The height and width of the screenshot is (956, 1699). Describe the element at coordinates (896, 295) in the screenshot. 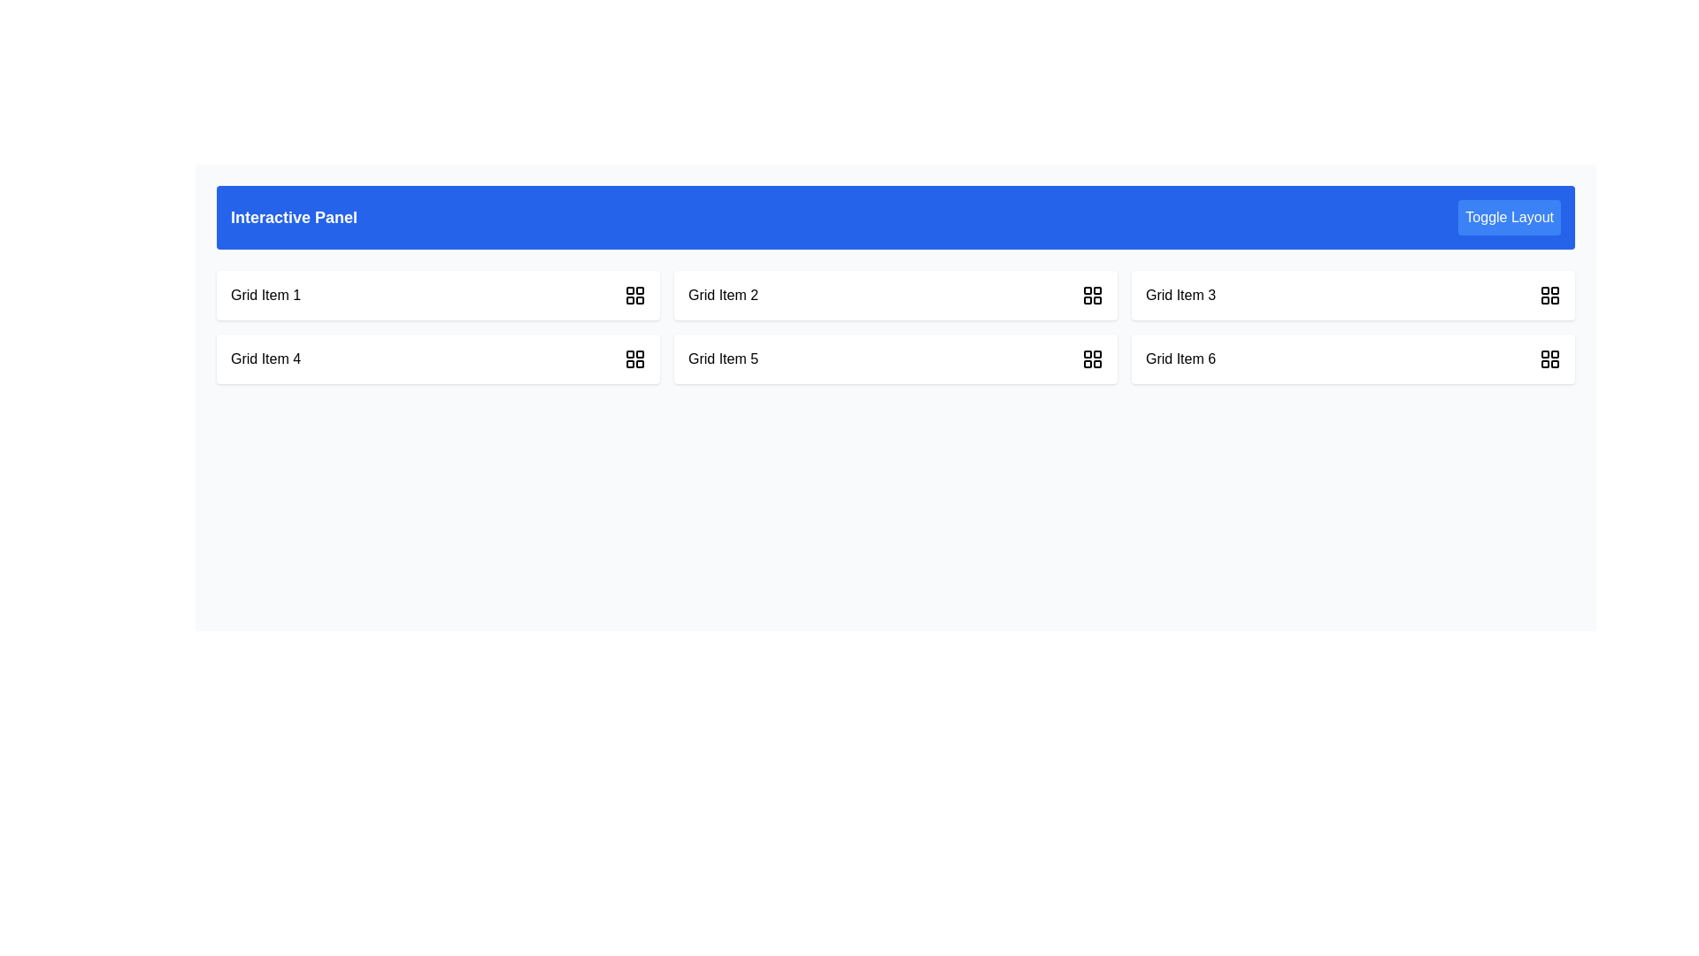

I see `the content of the Label displaying 'Grid Item 2' with a grid layout icon, located in the second column of the first row` at that location.